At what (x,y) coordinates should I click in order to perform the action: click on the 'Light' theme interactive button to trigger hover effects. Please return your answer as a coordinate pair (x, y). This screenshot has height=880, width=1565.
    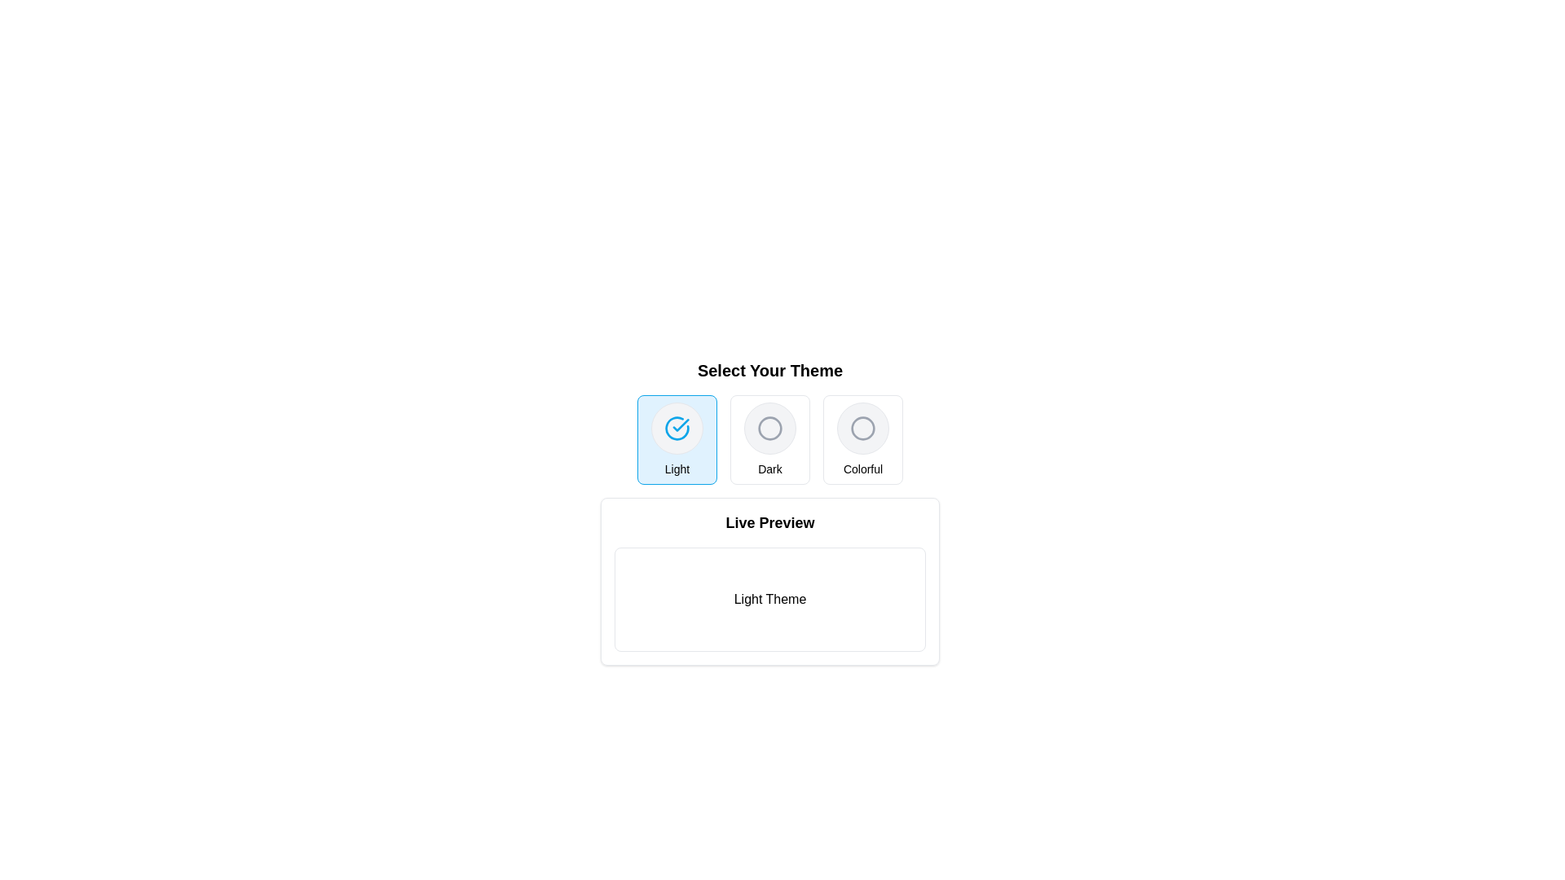
    Looking at the image, I should click on (677, 440).